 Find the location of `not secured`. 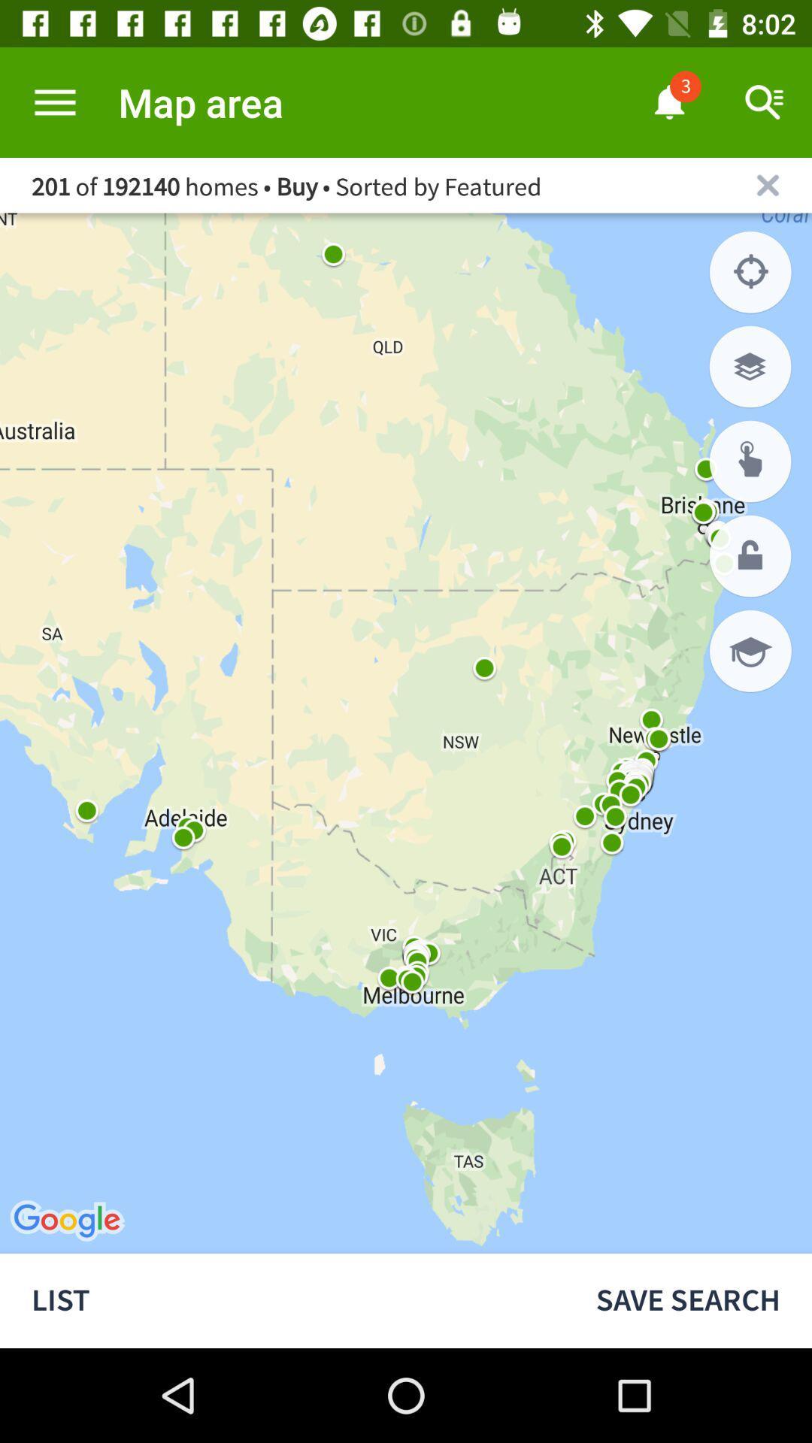

not secured is located at coordinates (750, 555).